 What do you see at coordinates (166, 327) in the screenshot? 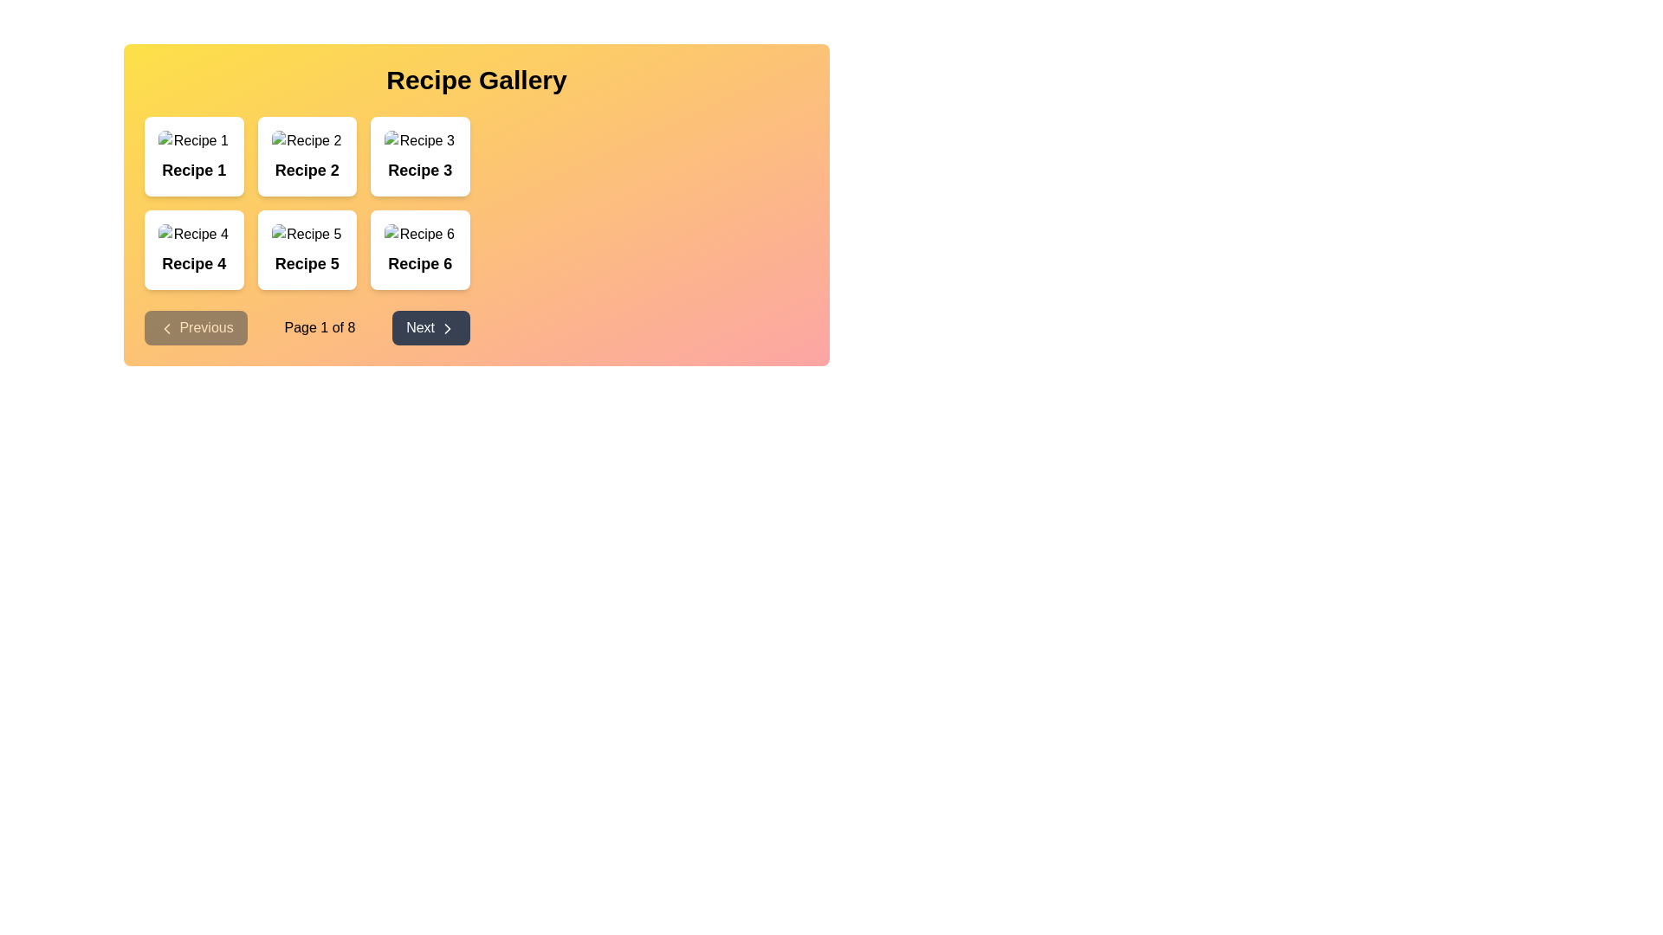
I see `the left-pointing chevron icon within the 'Previous' button, which has a brown background and white text, located at the bottom-left of the interface` at bounding box center [166, 327].